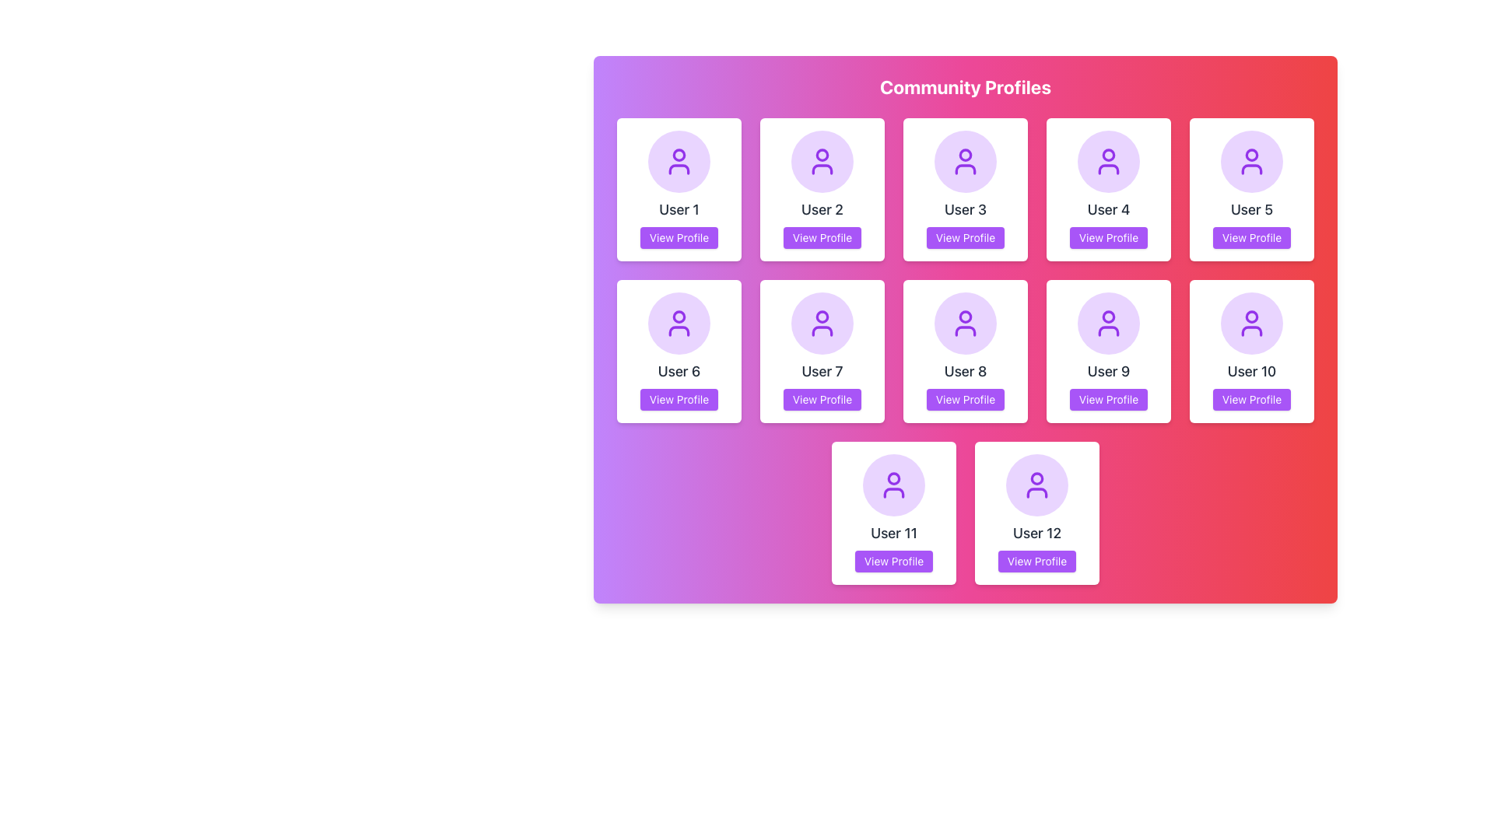 This screenshot has height=840, width=1494. What do you see at coordinates (1251, 351) in the screenshot?
I see `the user profile card located in the bottom-right corner of the grid` at bounding box center [1251, 351].